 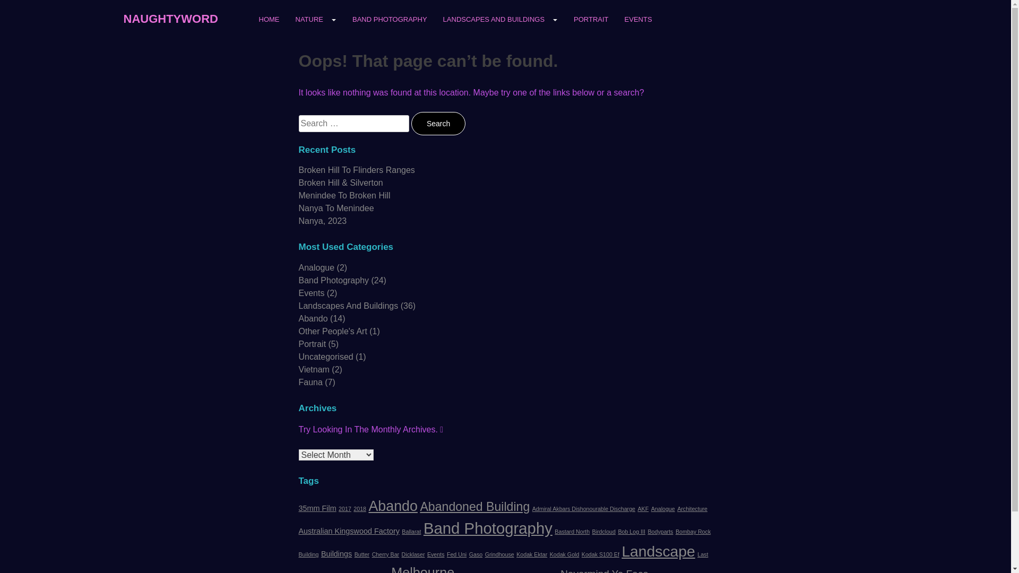 I want to click on 'NAUGHTYWORD', so click(x=170, y=18).